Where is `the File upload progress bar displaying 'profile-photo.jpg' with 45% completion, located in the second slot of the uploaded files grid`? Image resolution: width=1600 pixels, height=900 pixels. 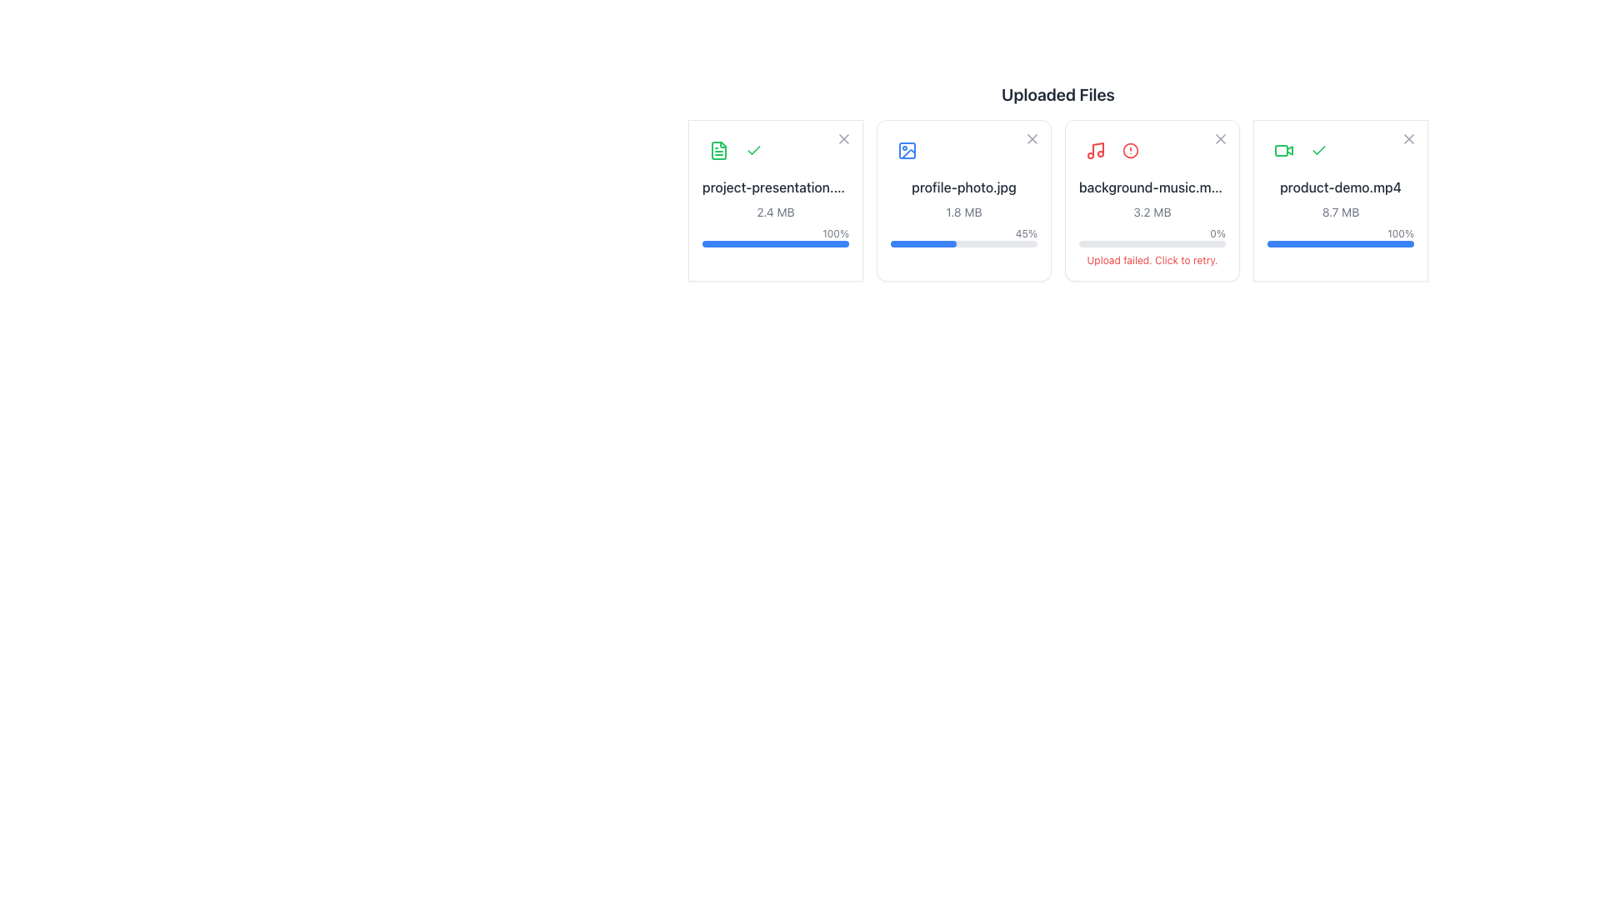 the File upload progress bar displaying 'profile-photo.jpg' with 45% completion, located in the second slot of the uploaded files grid is located at coordinates (963, 211).